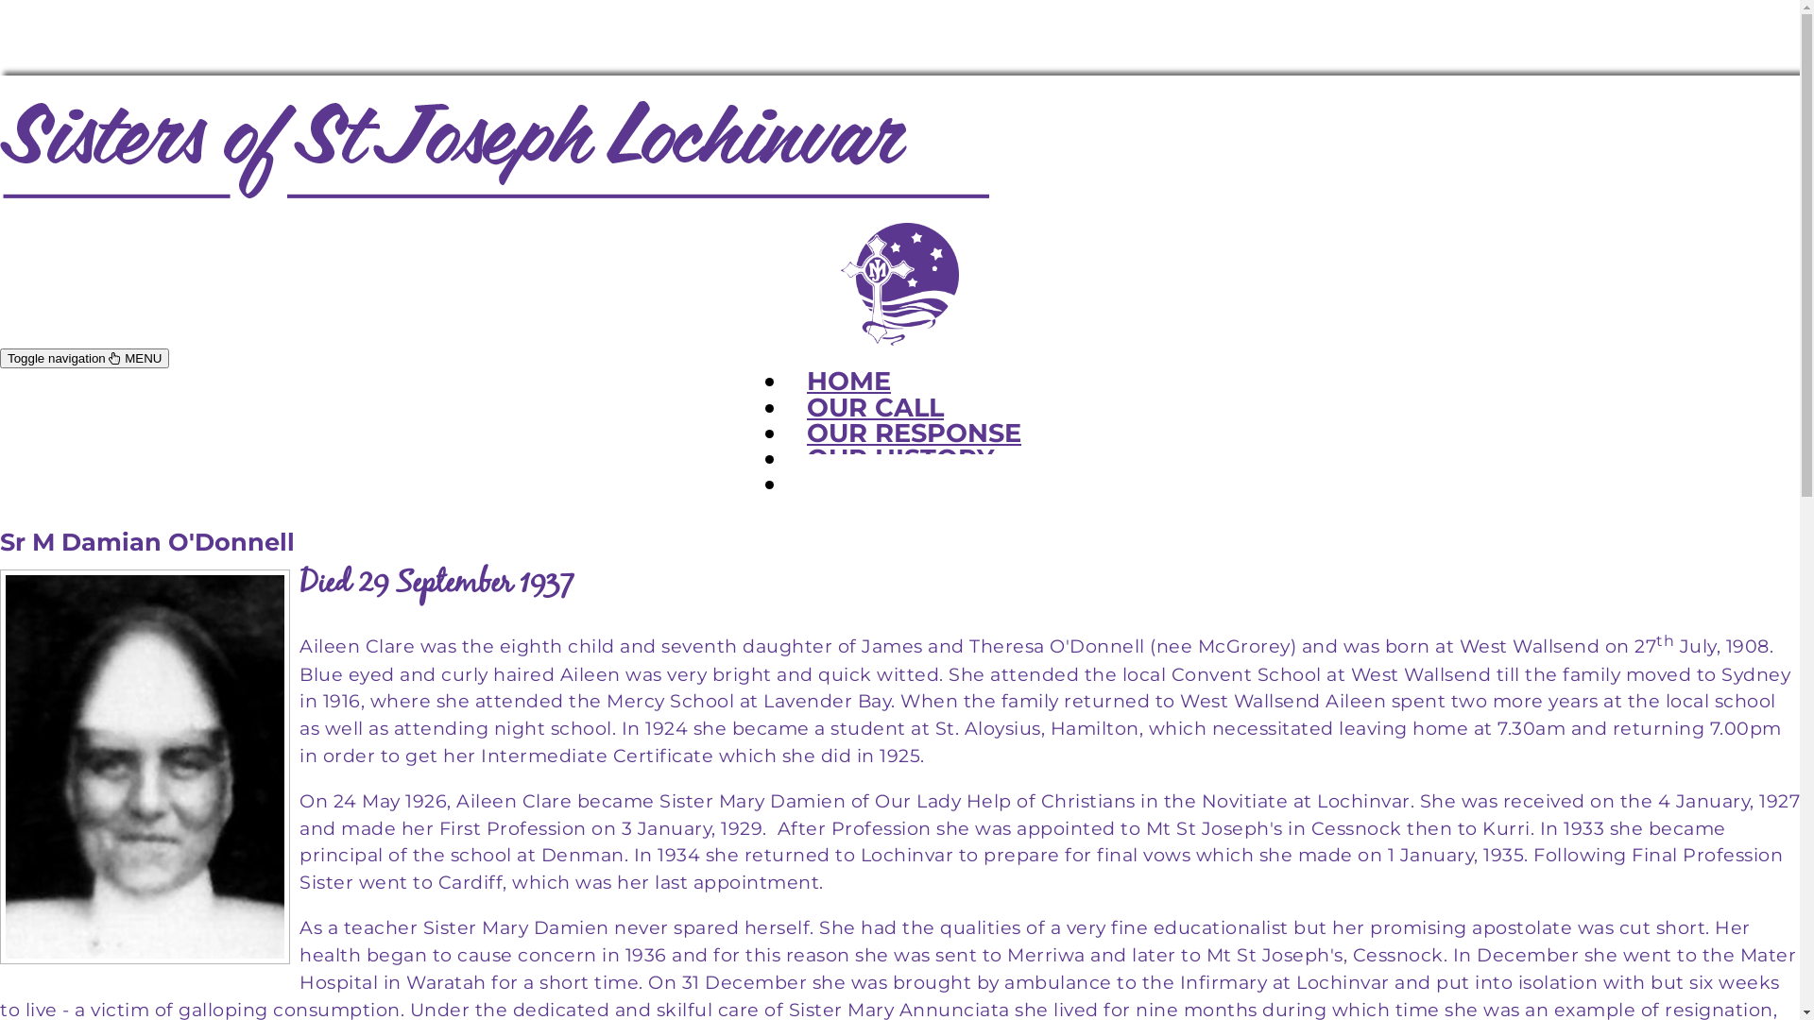 This screenshot has height=1020, width=1814. I want to click on 'OUR CALL', so click(788, 406).